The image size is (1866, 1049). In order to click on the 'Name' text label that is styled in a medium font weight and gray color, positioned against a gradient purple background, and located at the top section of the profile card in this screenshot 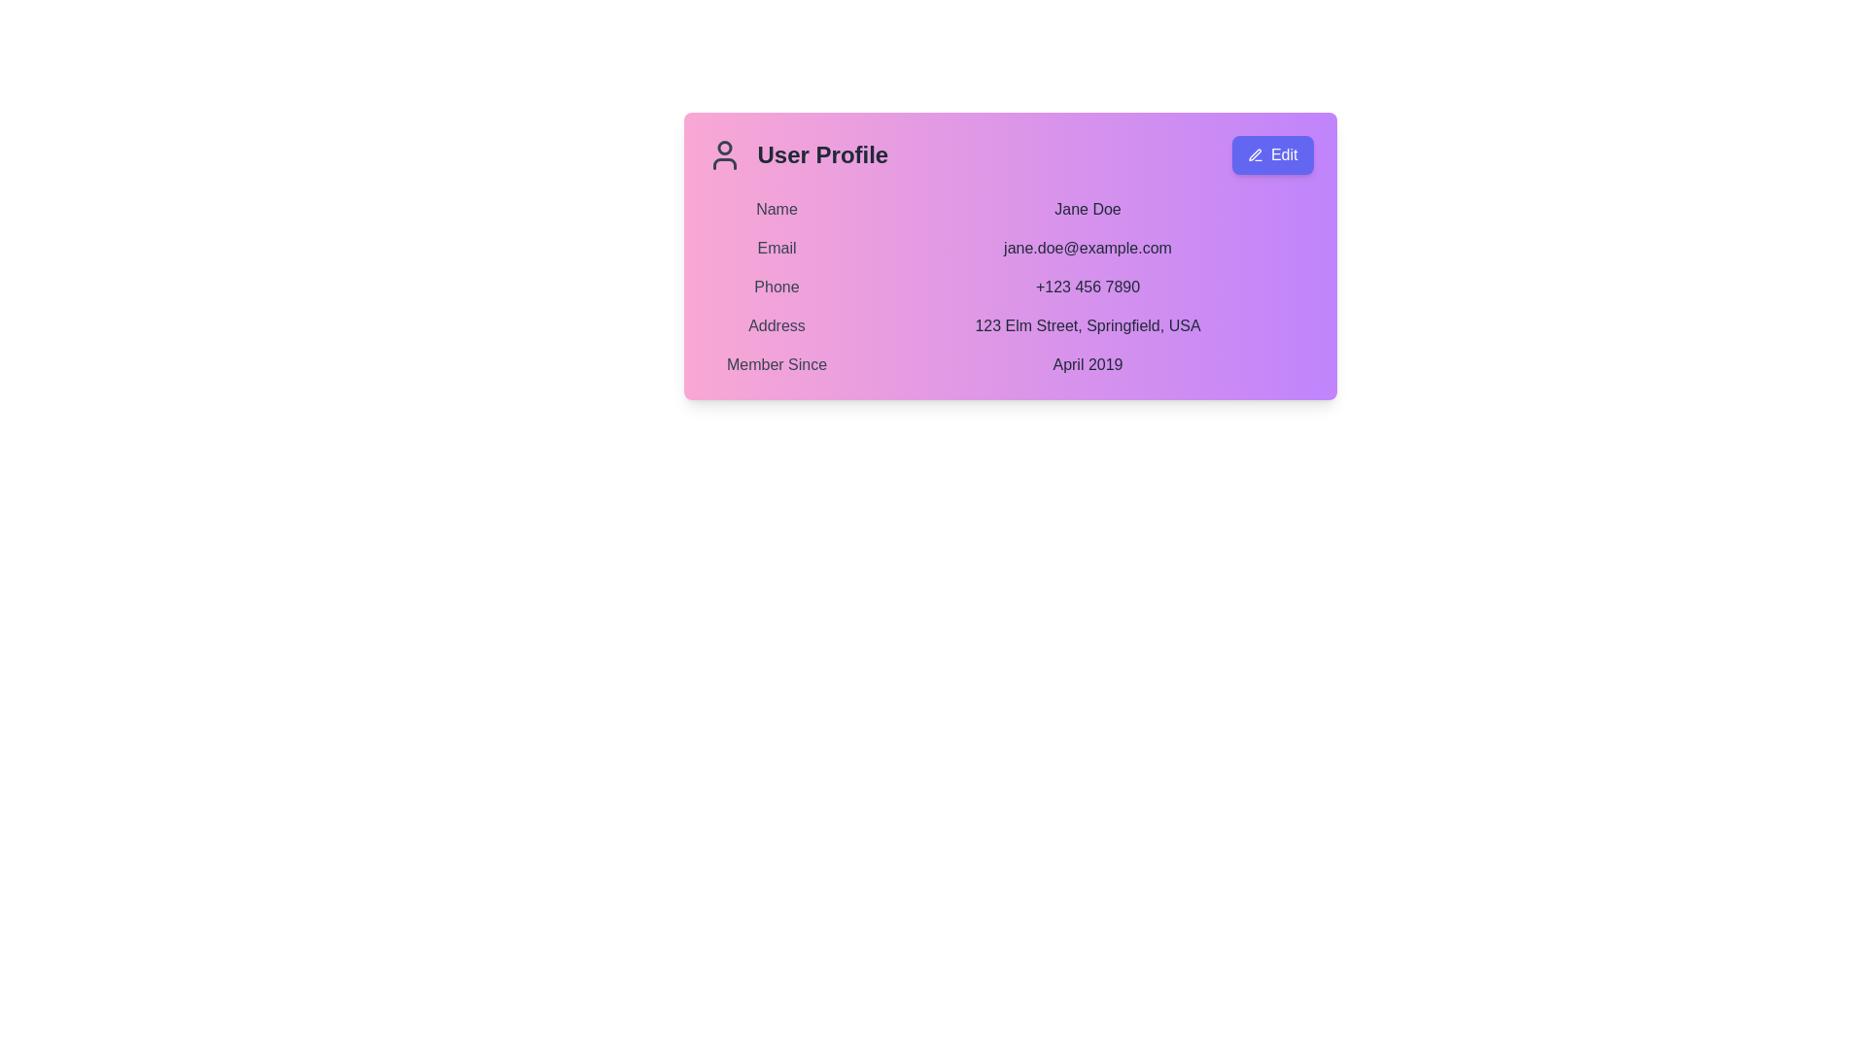, I will do `click(776, 210)`.